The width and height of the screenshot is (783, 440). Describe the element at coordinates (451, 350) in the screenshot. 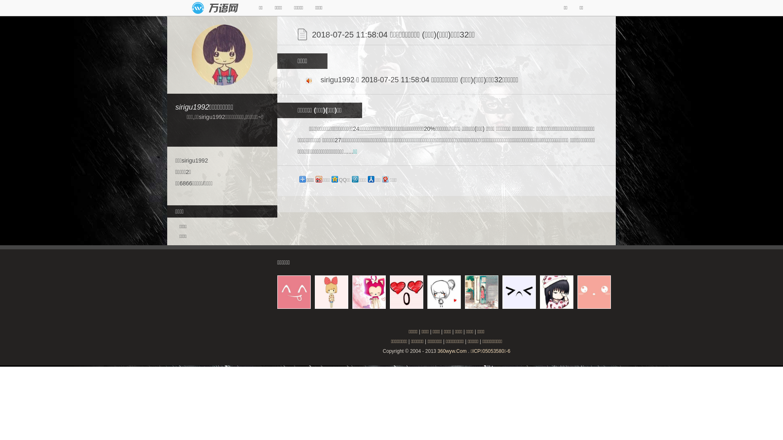

I see `'360wyw.Com'` at that location.